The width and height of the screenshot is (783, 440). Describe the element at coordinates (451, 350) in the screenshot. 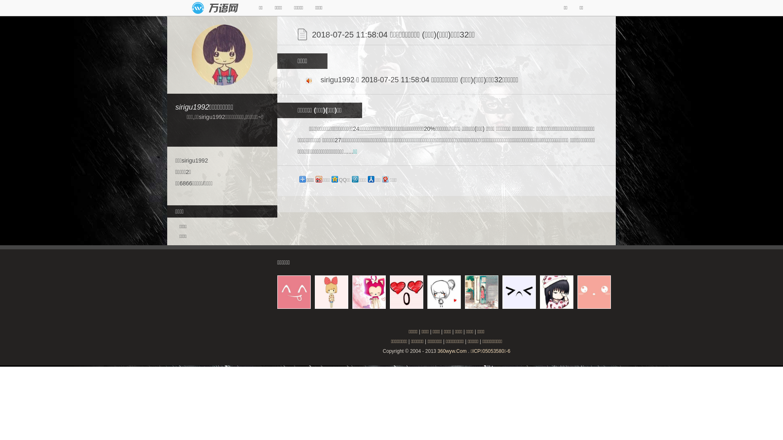

I see `'360wyw.Com'` at that location.